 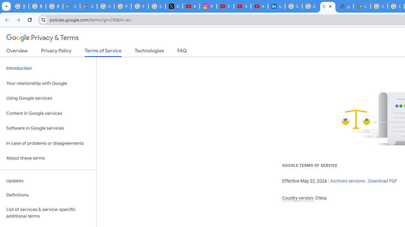 I want to click on 'Your relationship with Google', so click(x=48, y=83).